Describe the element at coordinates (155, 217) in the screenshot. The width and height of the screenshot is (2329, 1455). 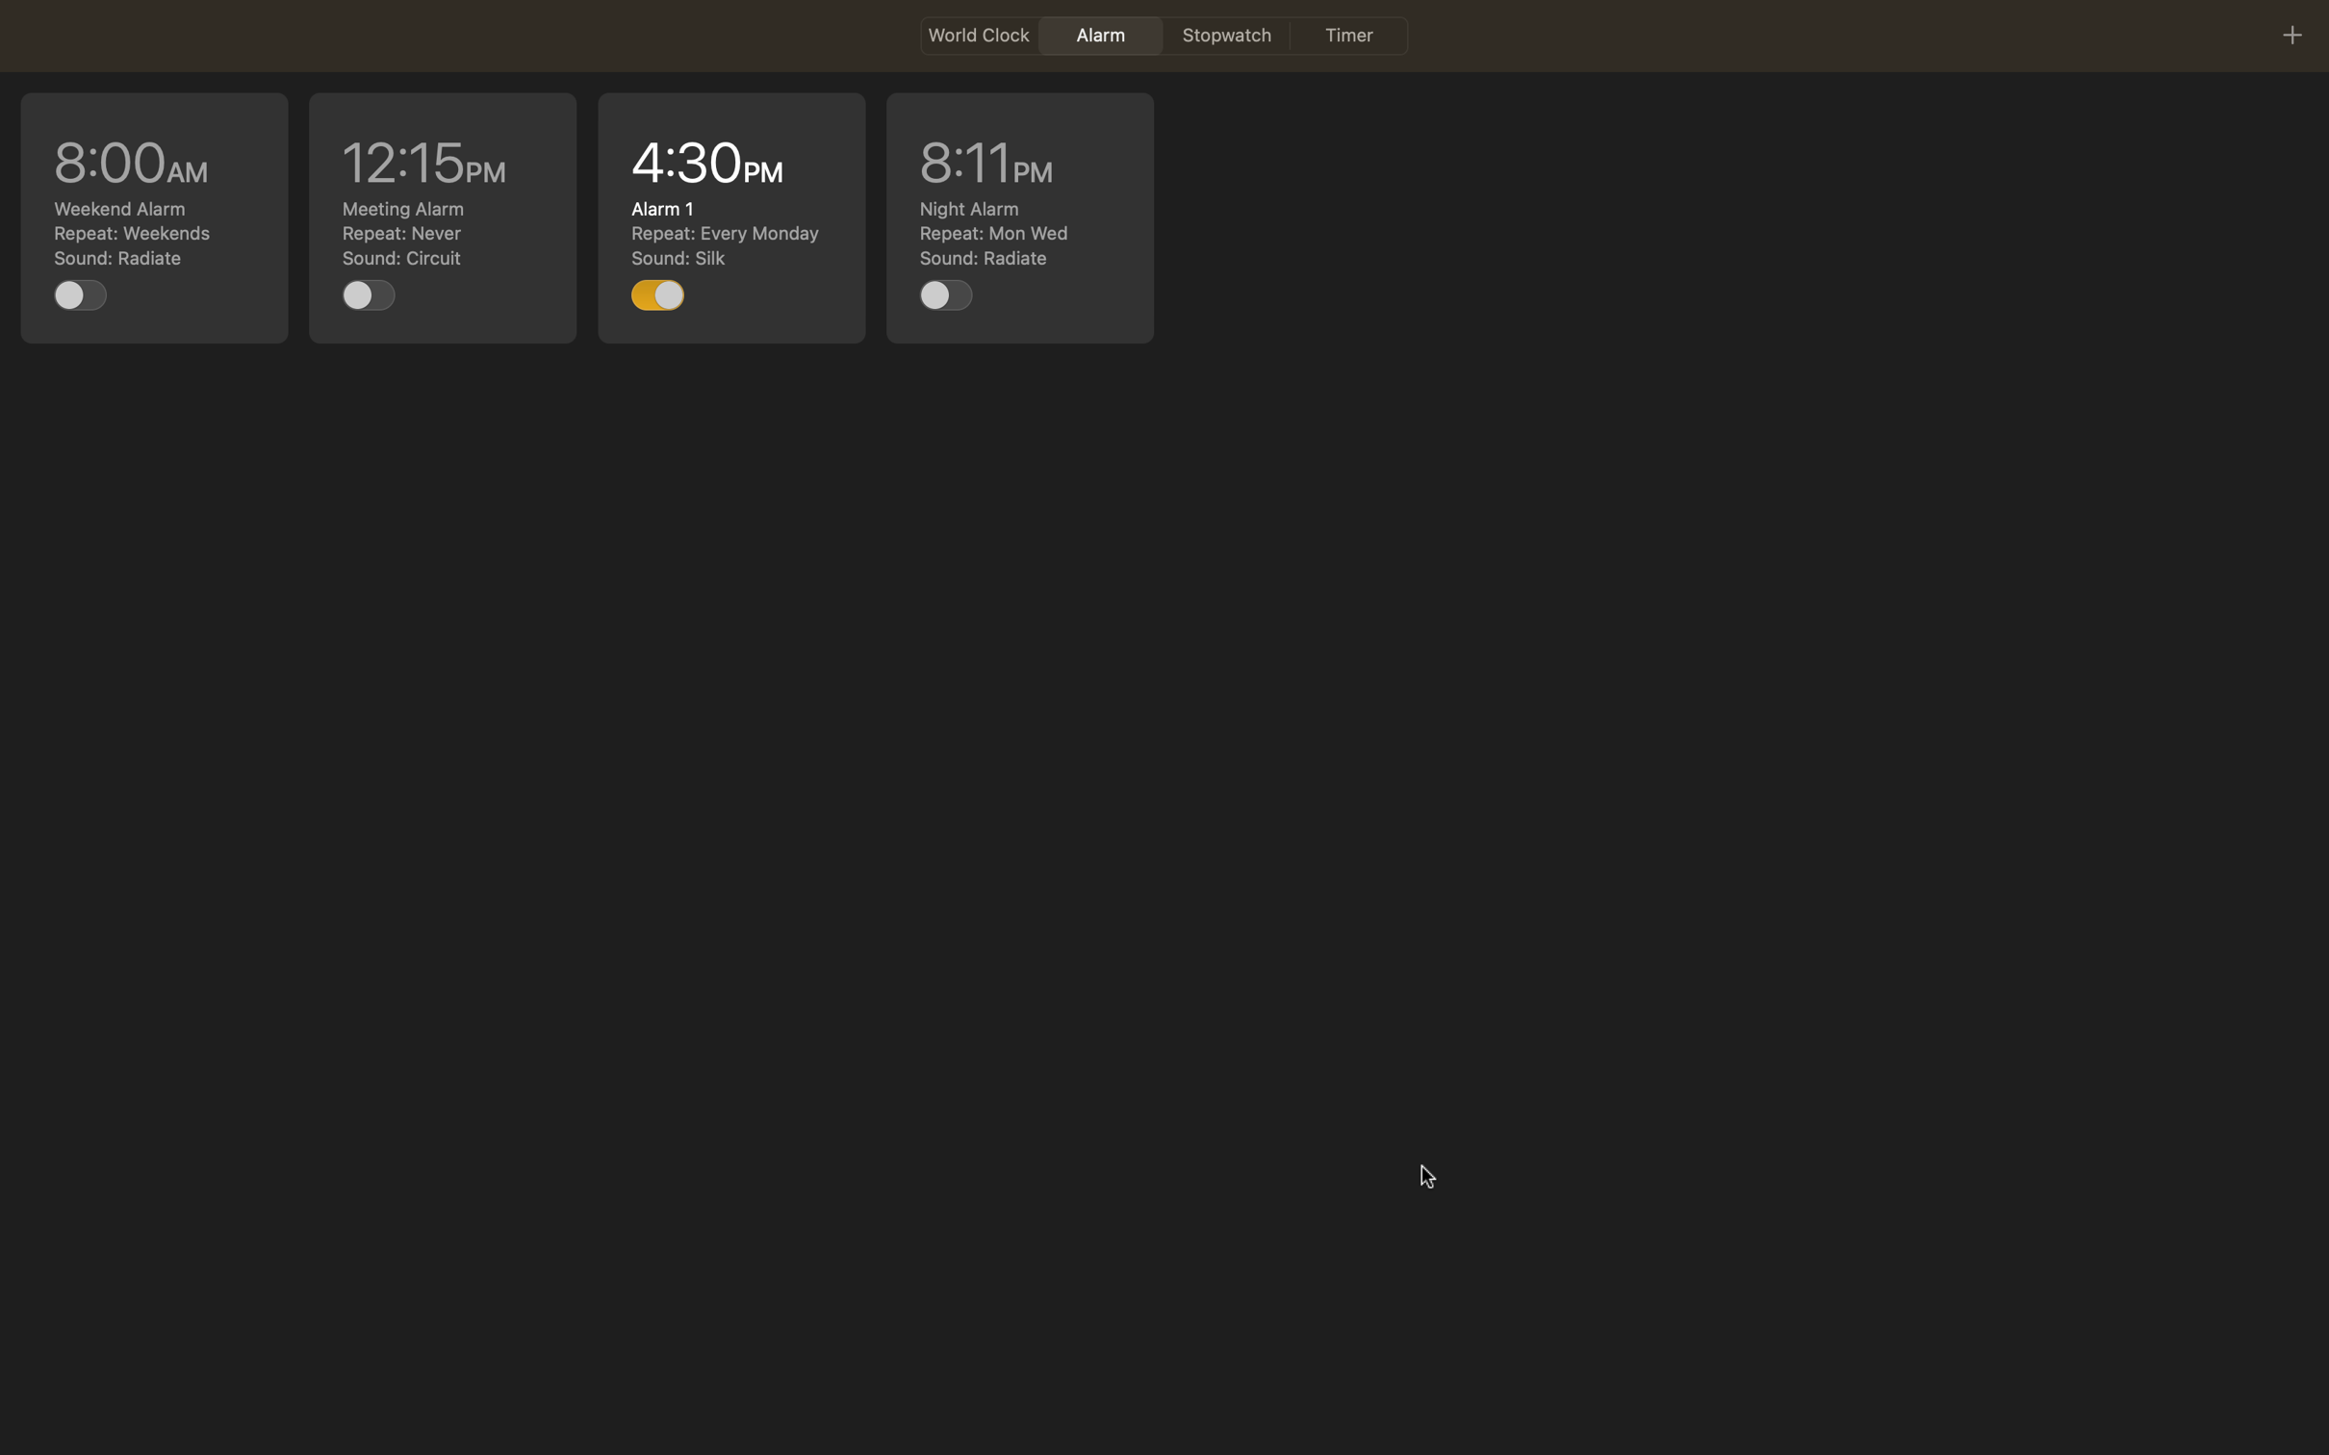
I see `Update the 8am reminder` at that location.